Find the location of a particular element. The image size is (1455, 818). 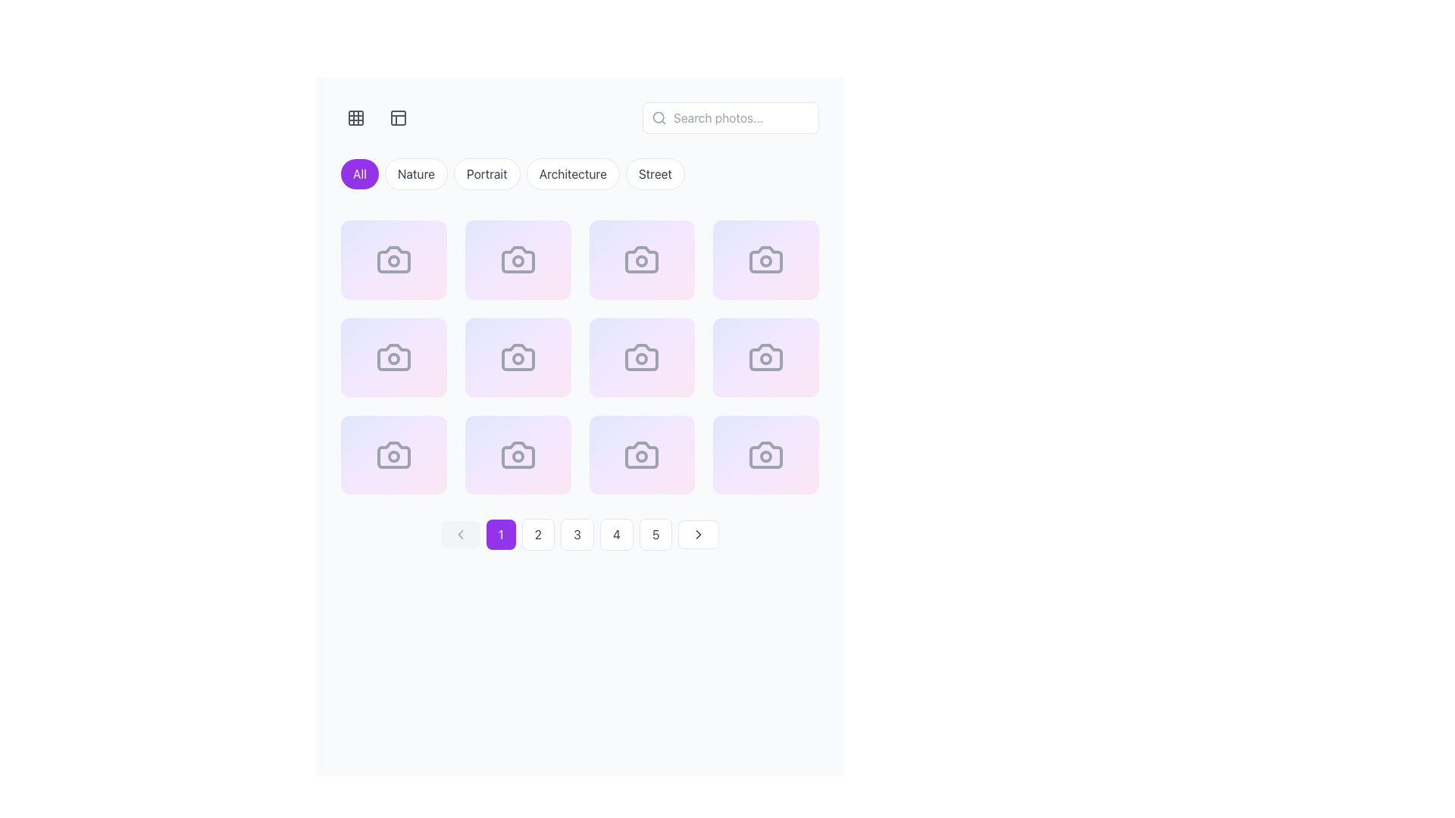

the stylized camera body element within the SVG graphic, which is part of a camera icon in the UI. This element is characterized by its minimalistic outline design and is located in the bottom row, first from the left in a 3-column layout grid is located at coordinates (393, 454).